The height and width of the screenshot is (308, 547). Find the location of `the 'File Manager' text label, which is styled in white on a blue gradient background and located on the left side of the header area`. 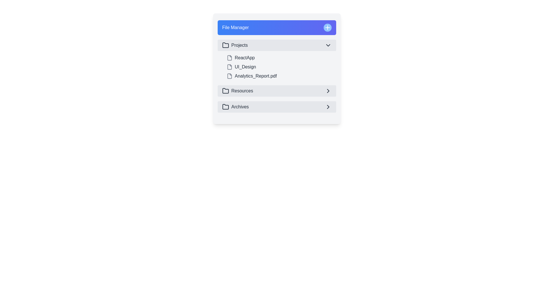

the 'File Manager' text label, which is styled in white on a blue gradient background and located on the left side of the header area is located at coordinates (235, 27).